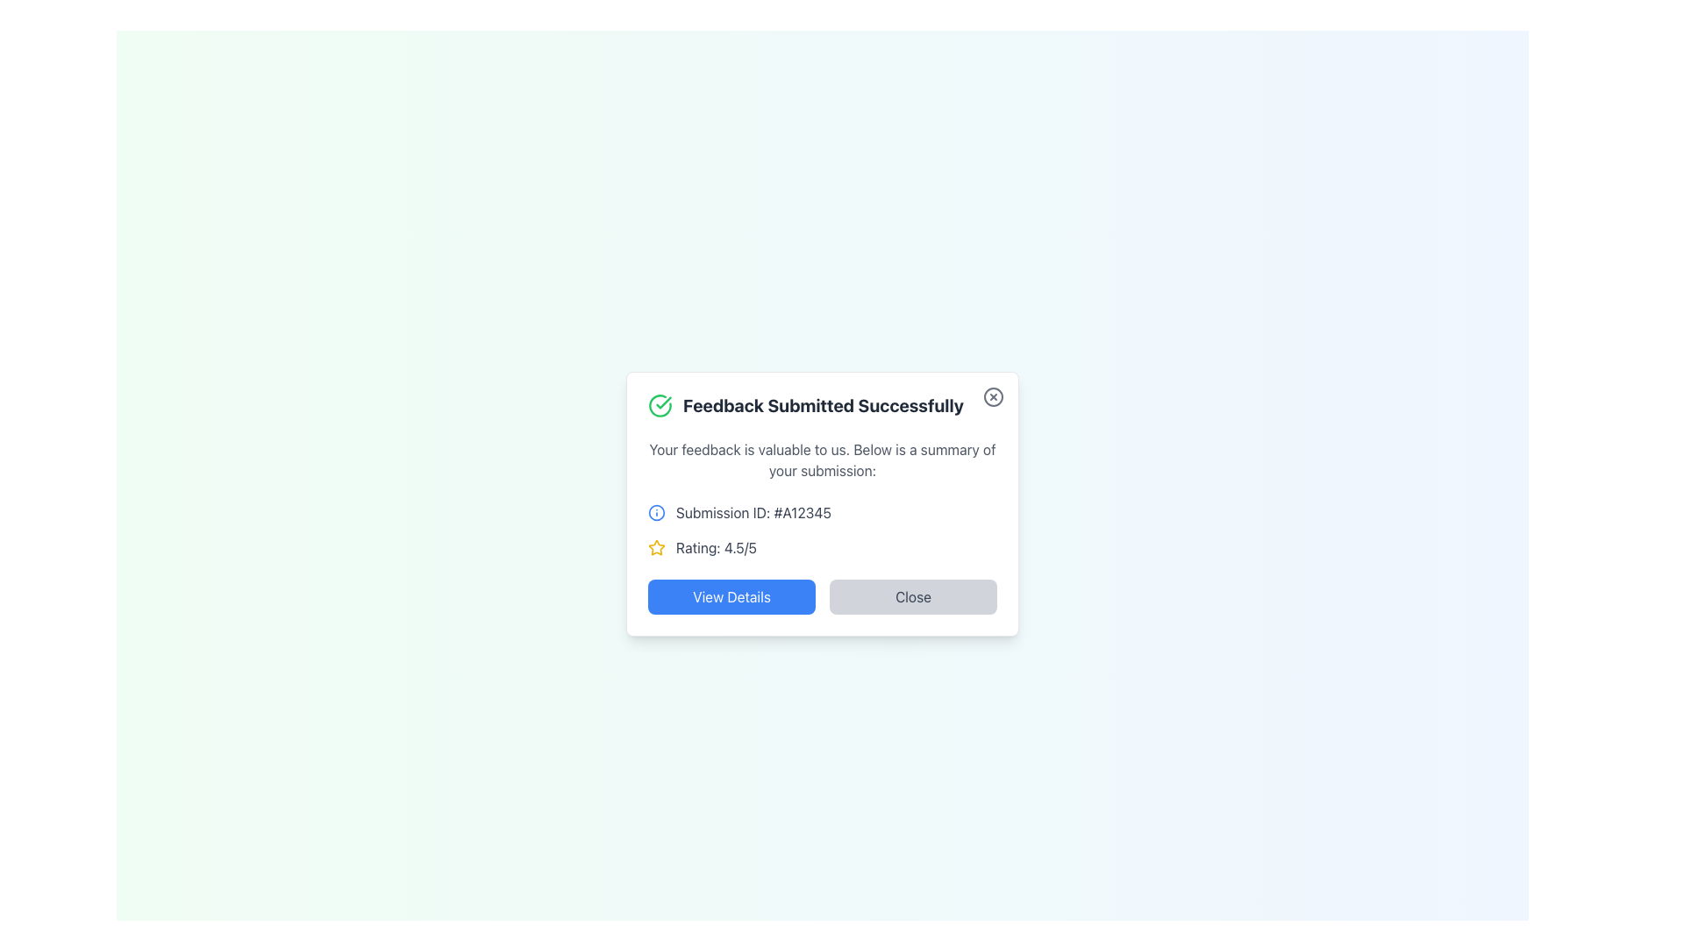  What do you see at coordinates (663, 402) in the screenshot?
I see `the checkmark icon within the SVG graphic located in the confirmation dialog box, which is styled in green and positioned to the left of the heading 'Feedback Submitted Successfully'` at bounding box center [663, 402].